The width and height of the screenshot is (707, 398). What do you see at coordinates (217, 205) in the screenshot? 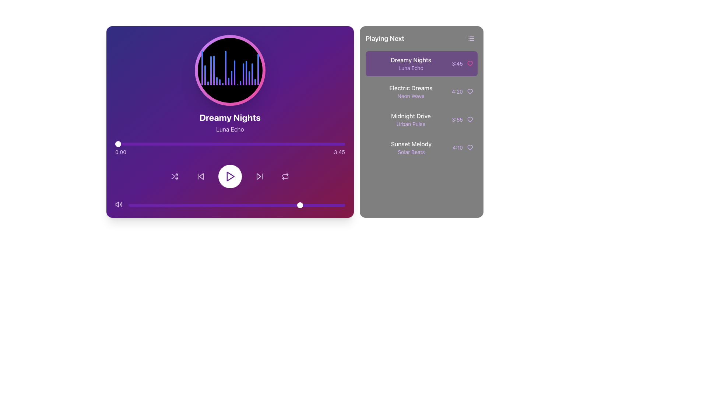
I see `slider value` at bounding box center [217, 205].